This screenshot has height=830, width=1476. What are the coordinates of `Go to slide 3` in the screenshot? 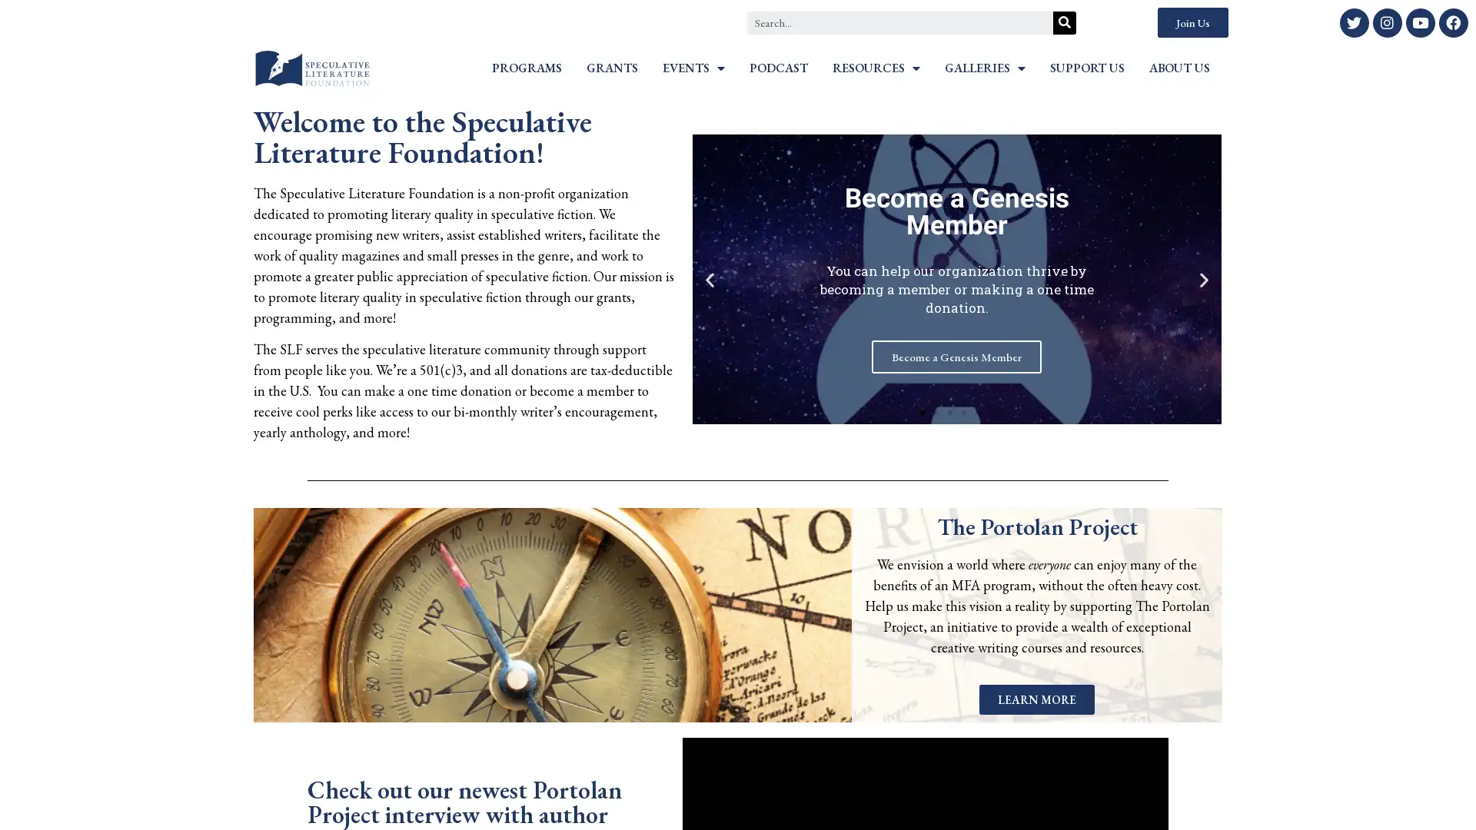 It's located at (949, 411).